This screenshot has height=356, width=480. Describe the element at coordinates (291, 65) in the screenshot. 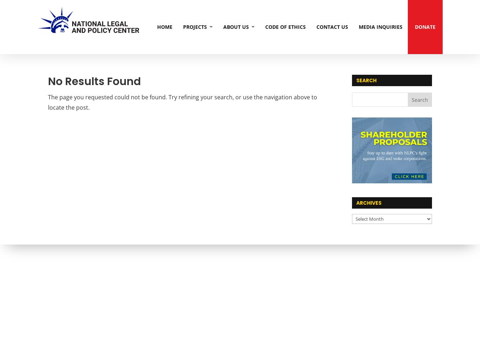

I see `'NLPC Resolutions'` at that location.